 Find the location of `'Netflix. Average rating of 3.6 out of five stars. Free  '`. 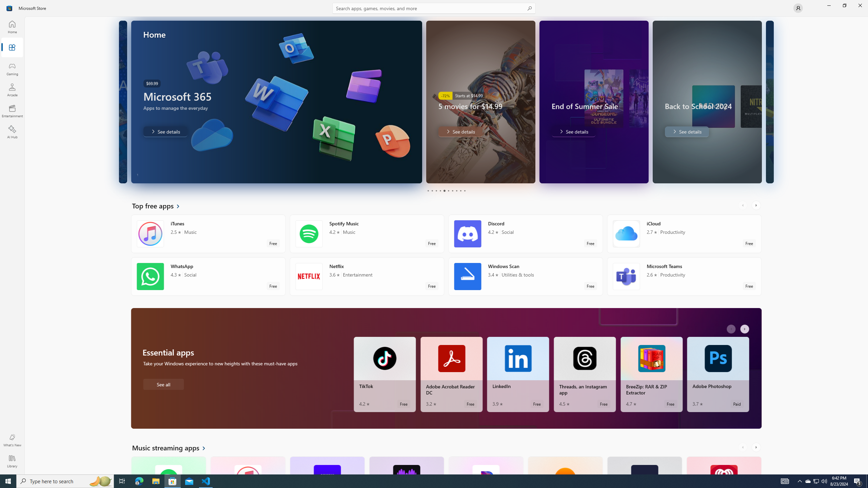

'Netflix. Average rating of 3.6 out of five stars. Free  ' is located at coordinates (367, 276).